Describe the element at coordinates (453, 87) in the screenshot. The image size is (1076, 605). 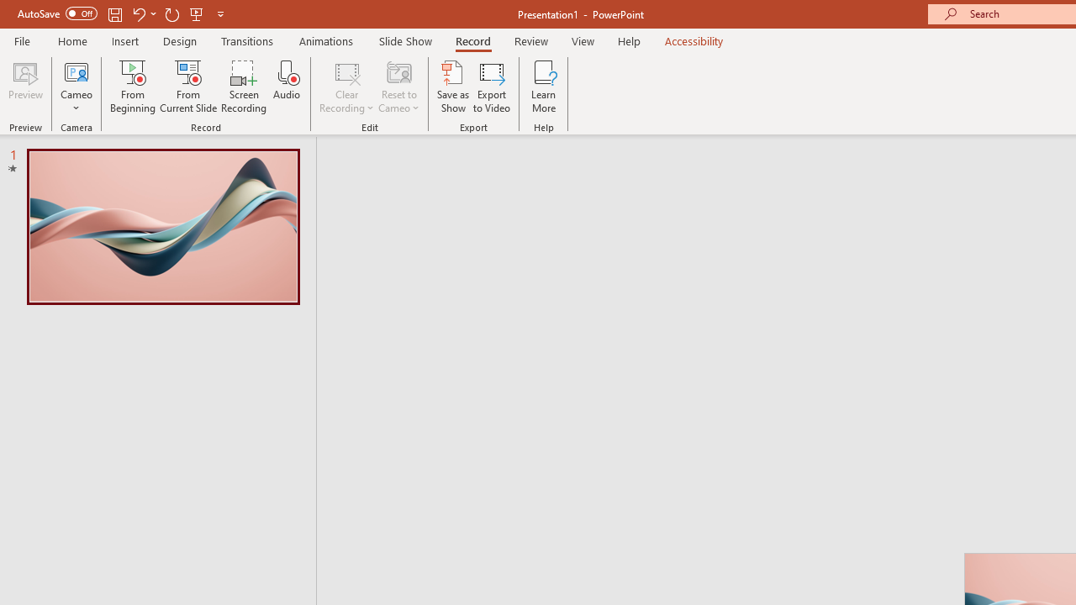
I see `'Save as Show'` at that location.